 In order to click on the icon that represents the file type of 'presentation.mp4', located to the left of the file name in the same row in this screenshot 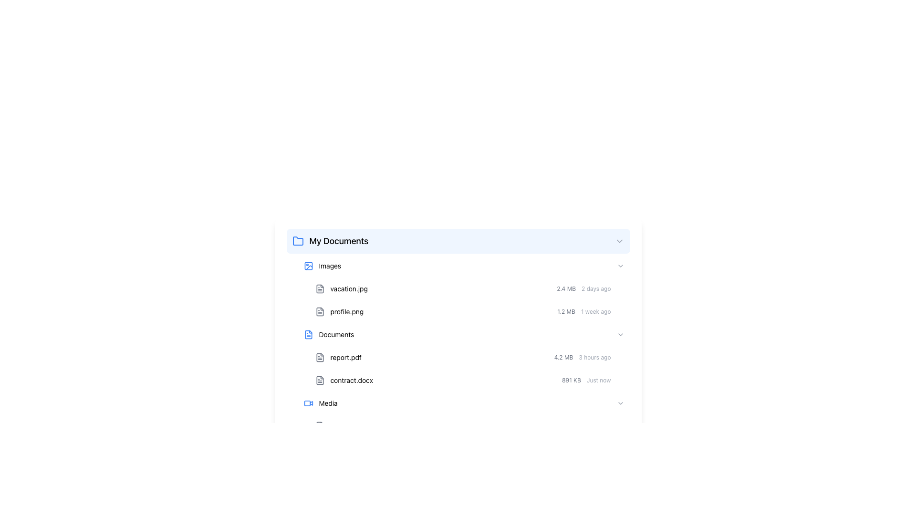, I will do `click(320, 426)`.